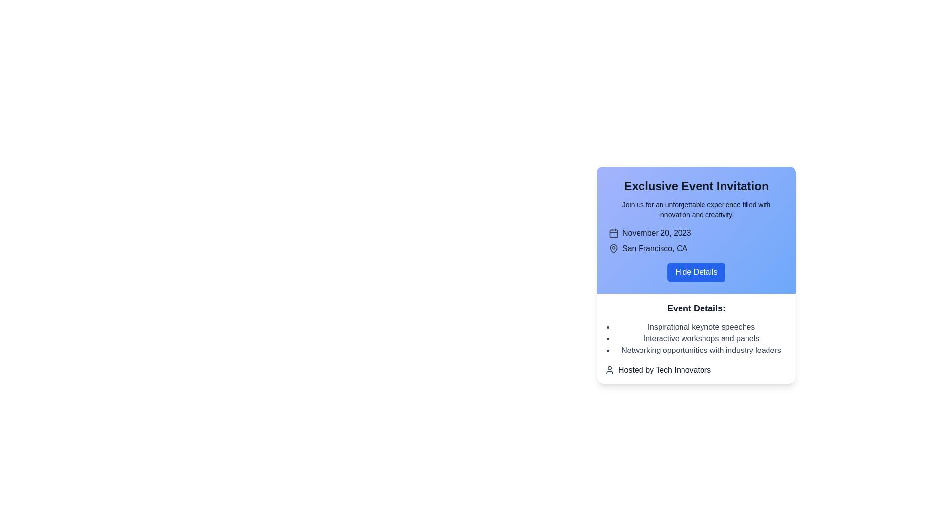 This screenshot has width=938, height=528. Describe the element at coordinates (613, 248) in the screenshot. I see `the graphical icon representing a map pin located to the left of the text 'San Francisco, CA' in the event detail section` at that location.